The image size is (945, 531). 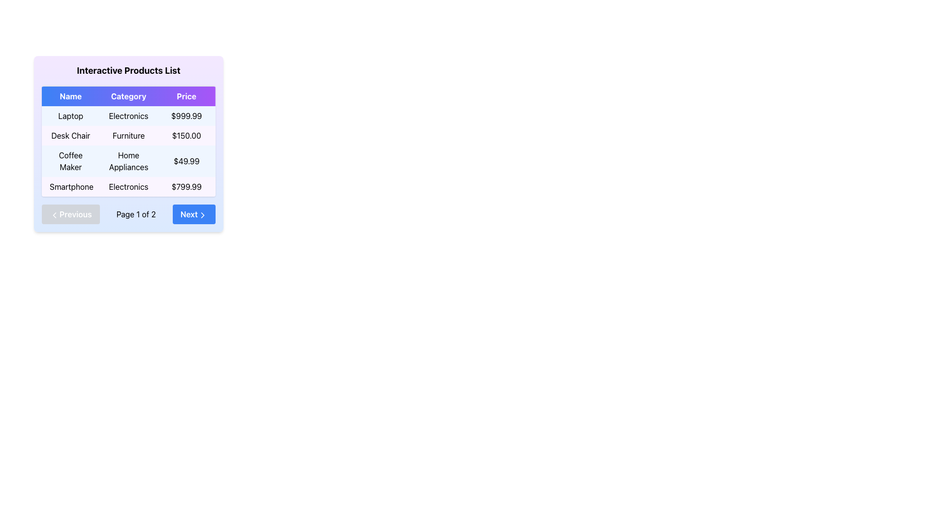 I want to click on the static text label that provides the name of a listed item in the second row under the 'Name' column of the table, so click(x=70, y=136).